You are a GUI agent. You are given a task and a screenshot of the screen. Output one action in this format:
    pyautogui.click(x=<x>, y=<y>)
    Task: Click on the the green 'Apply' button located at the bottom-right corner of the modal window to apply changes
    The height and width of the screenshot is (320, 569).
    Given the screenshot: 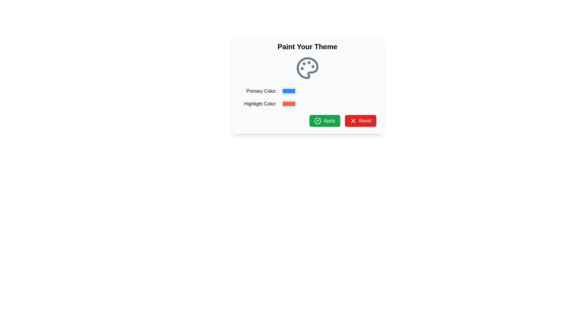 What is the action you would take?
    pyautogui.click(x=324, y=121)
    